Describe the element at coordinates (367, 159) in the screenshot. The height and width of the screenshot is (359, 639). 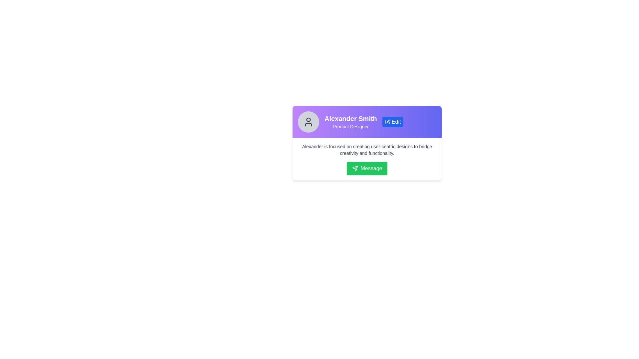
I see `the green 'Message' button located below the profile header to initiate a messaging action related to Alexander` at that location.